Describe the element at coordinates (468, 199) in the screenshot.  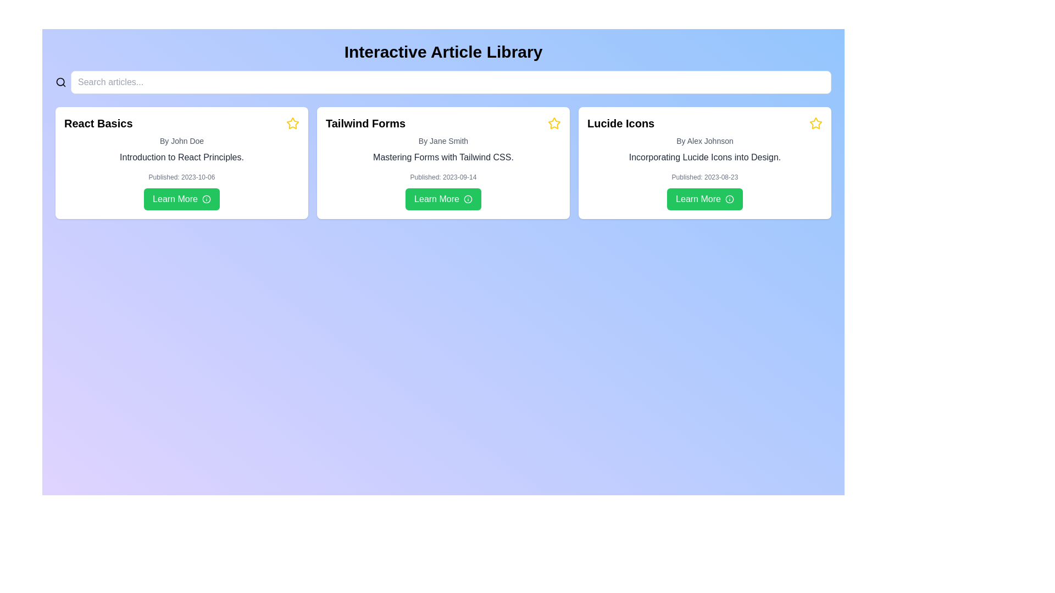
I see `the information icon located at the right end of the 'Learn More' button in the 'Tailwind Forms' section` at that location.